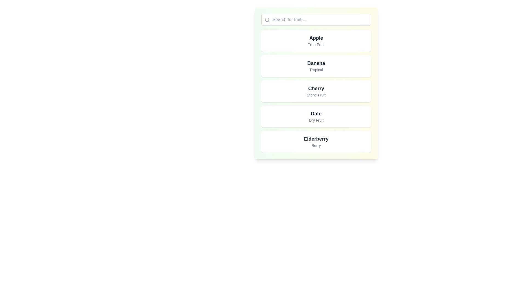  Describe the element at coordinates (316, 141) in the screenshot. I see `the fifth interactive list item labeled 'Elderberry'` at that location.